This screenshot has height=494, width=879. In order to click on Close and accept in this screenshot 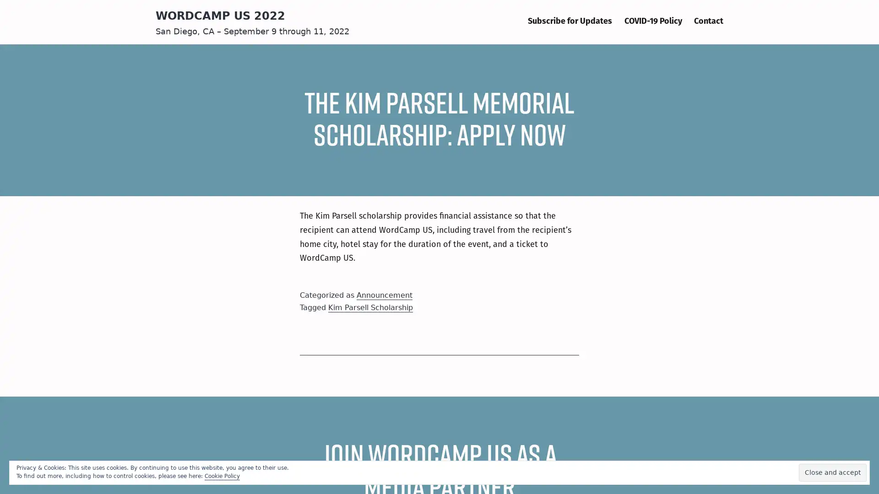, I will do `click(833, 473)`.